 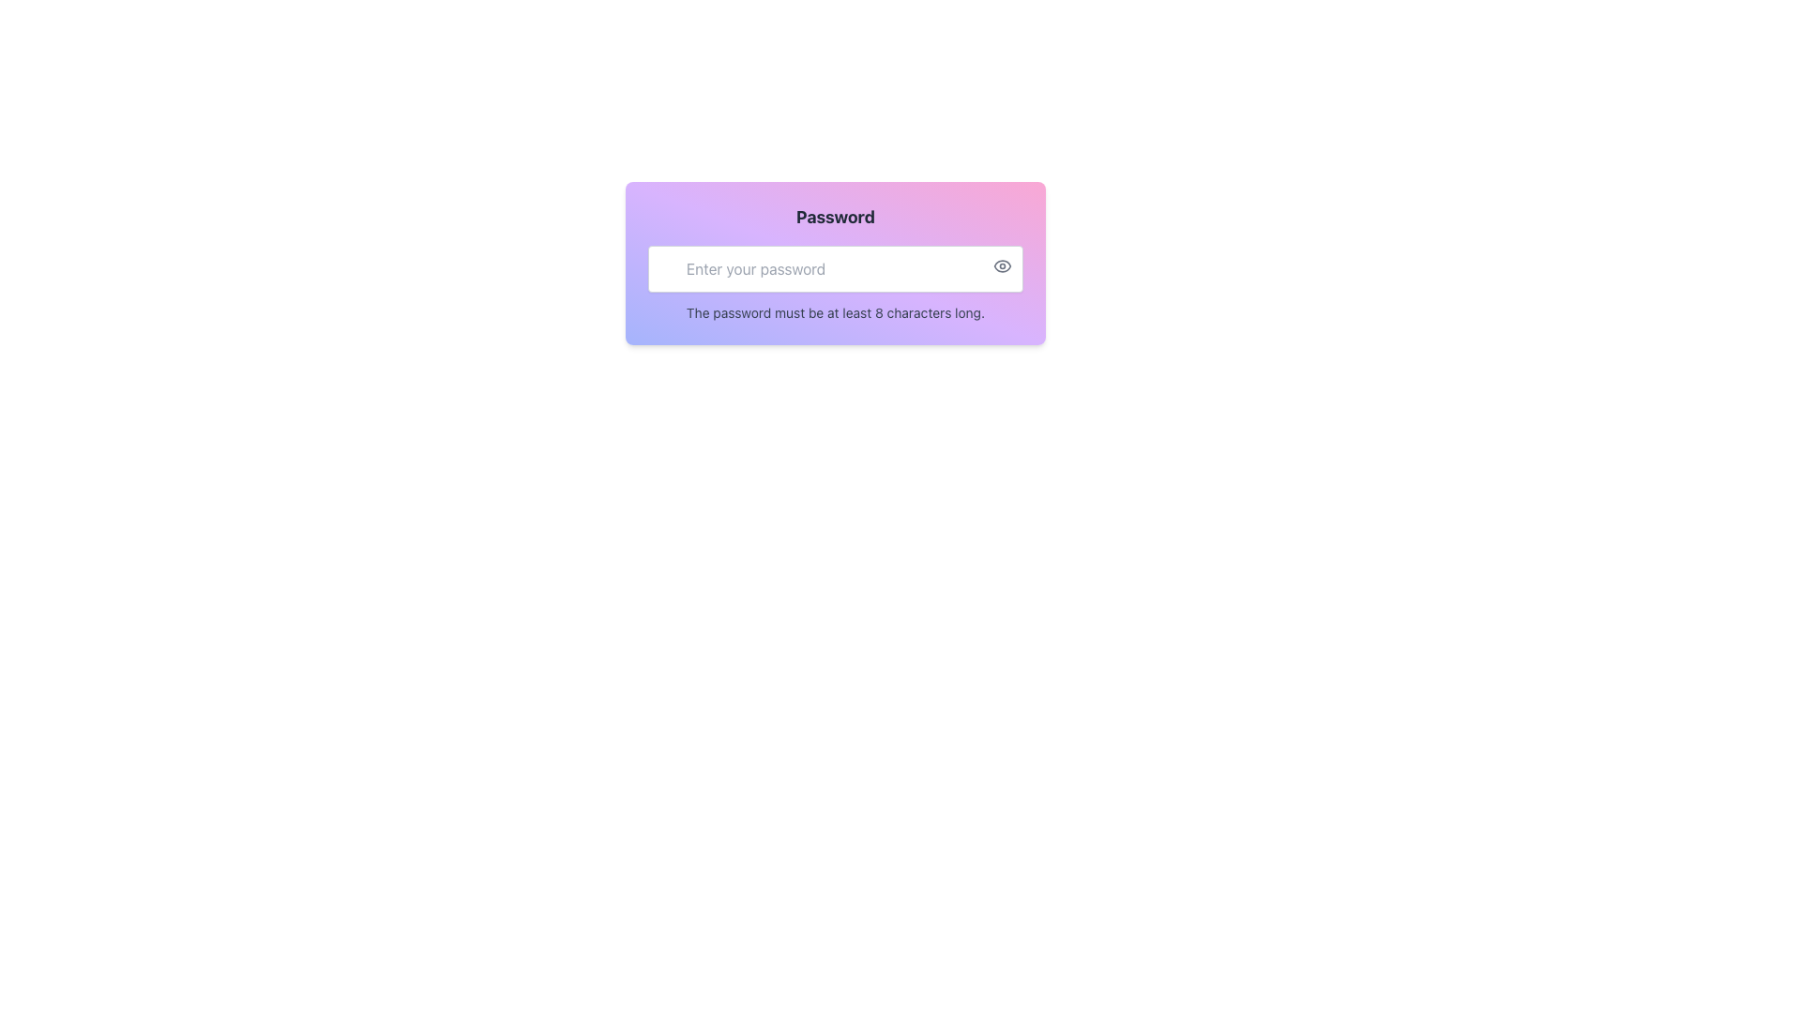 I want to click on the Text Label that informs the user about the password requirements, located below the 'Password' text input field and styled with a gradient background and rounded corners, so click(x=835, y=312).